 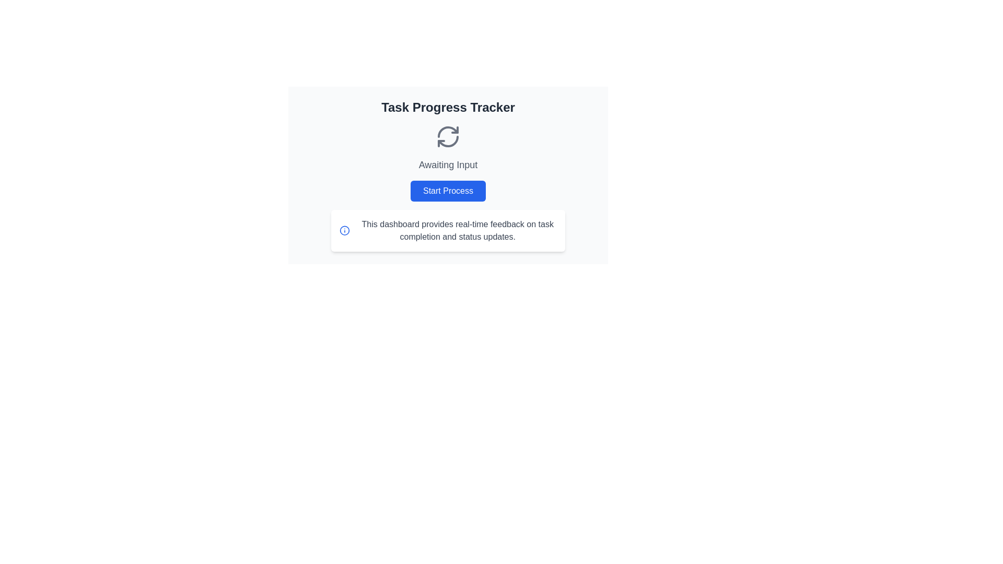 What do you see at coordinates (448, 132) in the screenshot?
I see `the upper left curve of the circular arrow icon representing the refresh function, located above the 'Awaiting Input' text and below the 'Task Progress Tracker' title` at bounding box center [448, 132].